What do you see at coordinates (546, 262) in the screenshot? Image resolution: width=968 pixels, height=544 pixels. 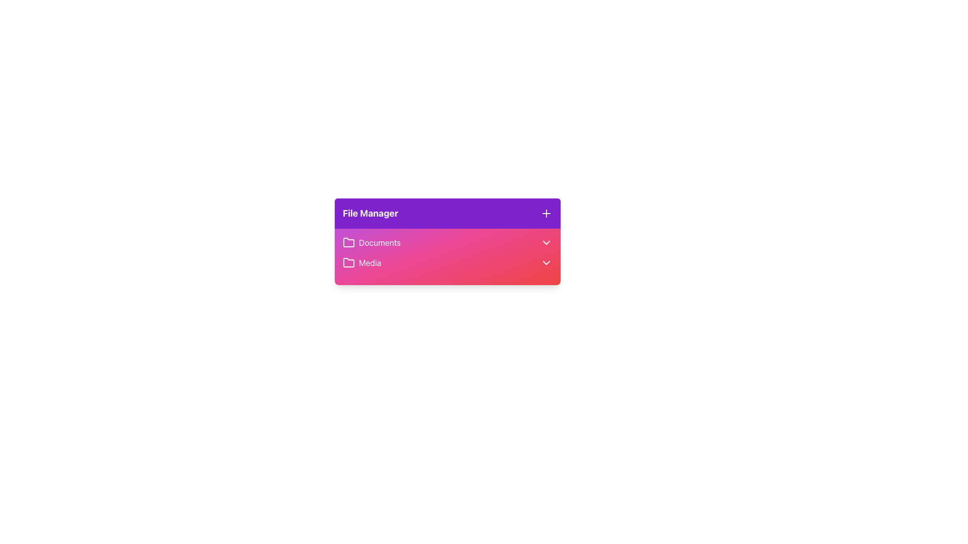 I see `the chevron icon indicator located at the far right of the 'Media' section` at bounding box center [546, 262].